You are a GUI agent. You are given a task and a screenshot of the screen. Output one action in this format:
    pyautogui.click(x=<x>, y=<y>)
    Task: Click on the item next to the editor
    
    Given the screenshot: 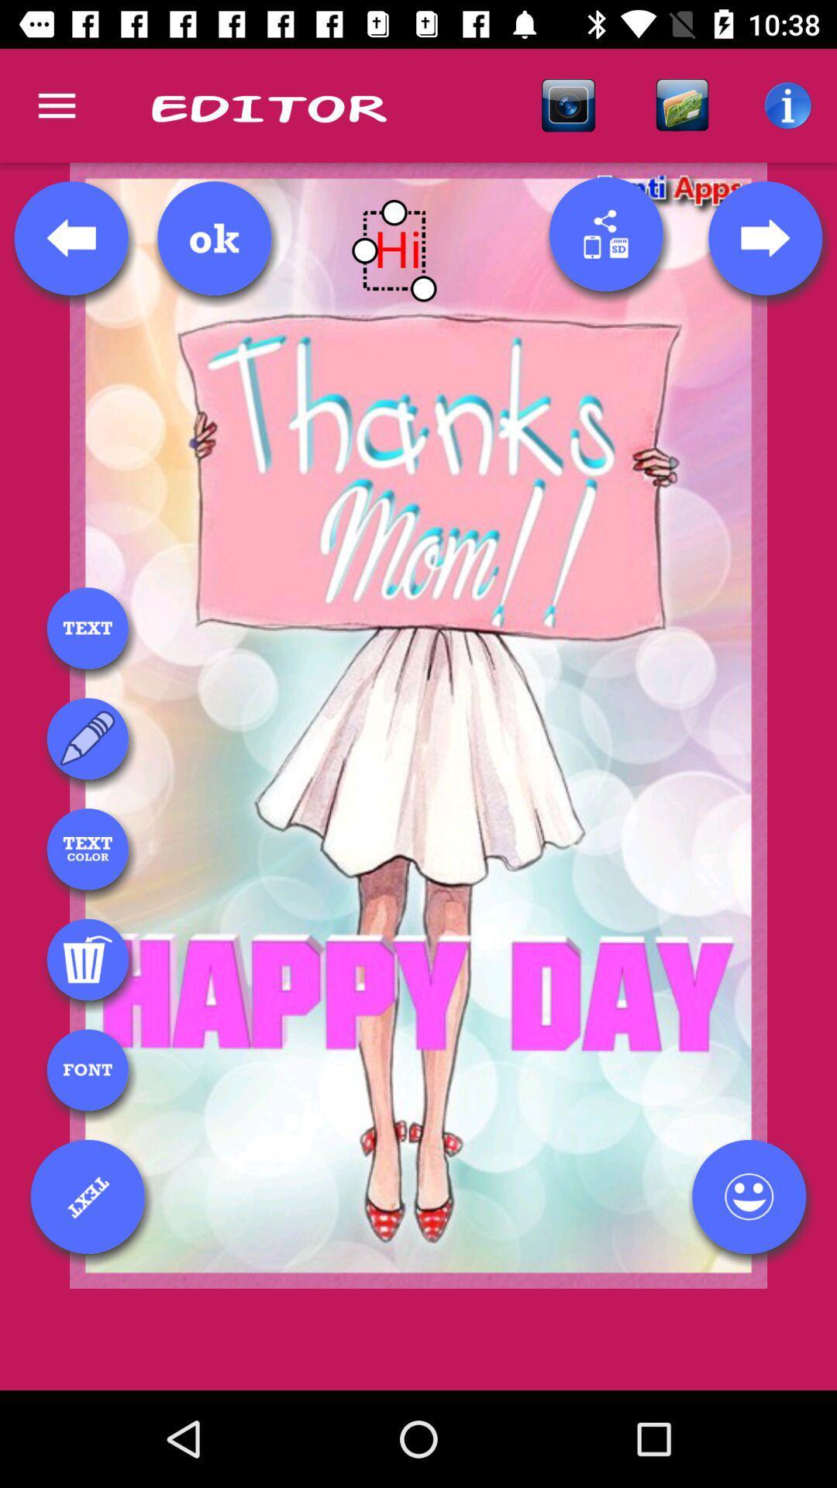 What is the action you would take?
    pyautogui.click(x=568, y=105)
    